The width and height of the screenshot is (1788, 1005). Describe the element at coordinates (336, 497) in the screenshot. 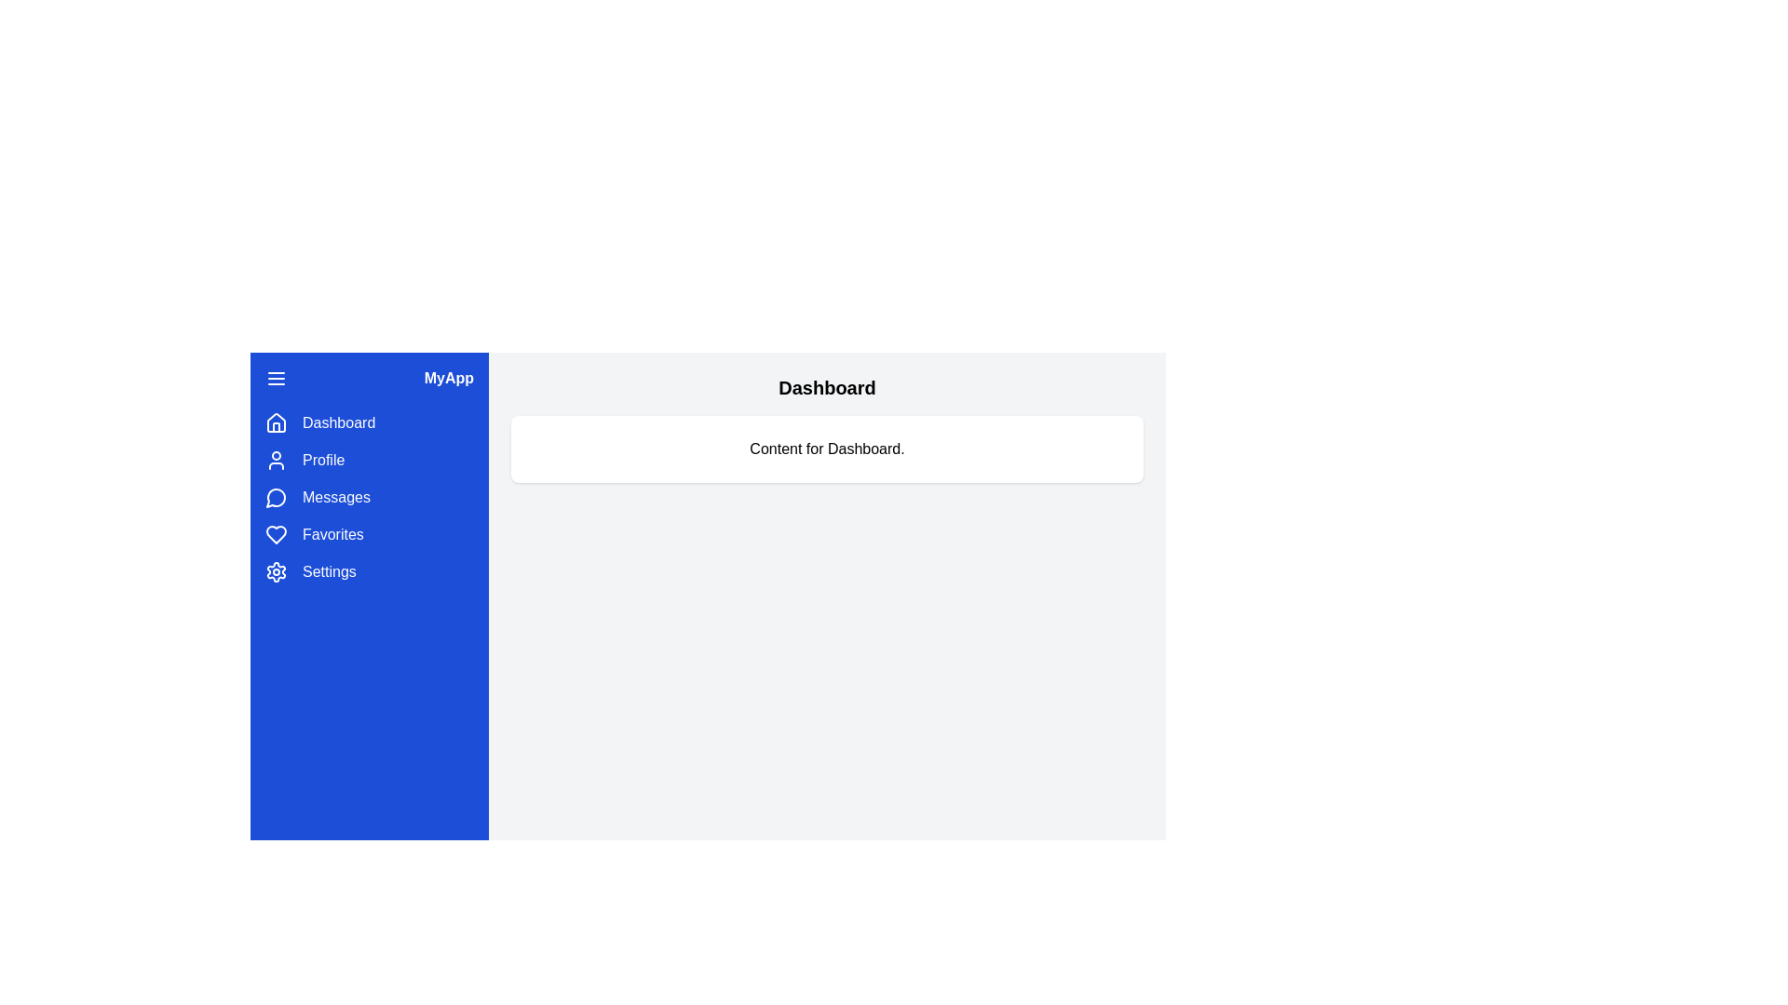

I see `the 'Messages' navigation item, which is the third item in the menu to the right of the speech bubble icon` at that location.